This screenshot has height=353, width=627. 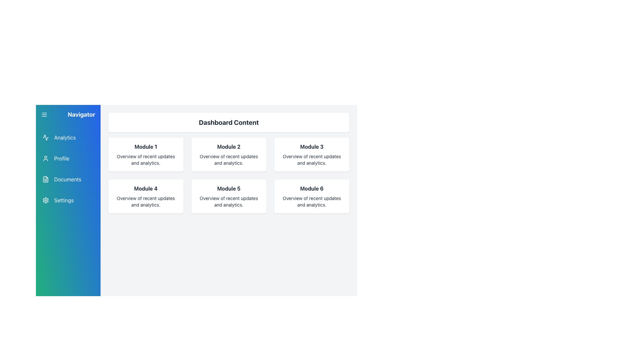 I want to click on the Text label summarizing 'Module 3' located in the top-right card of the Dashboard Content page, so click(x=312, y=146).